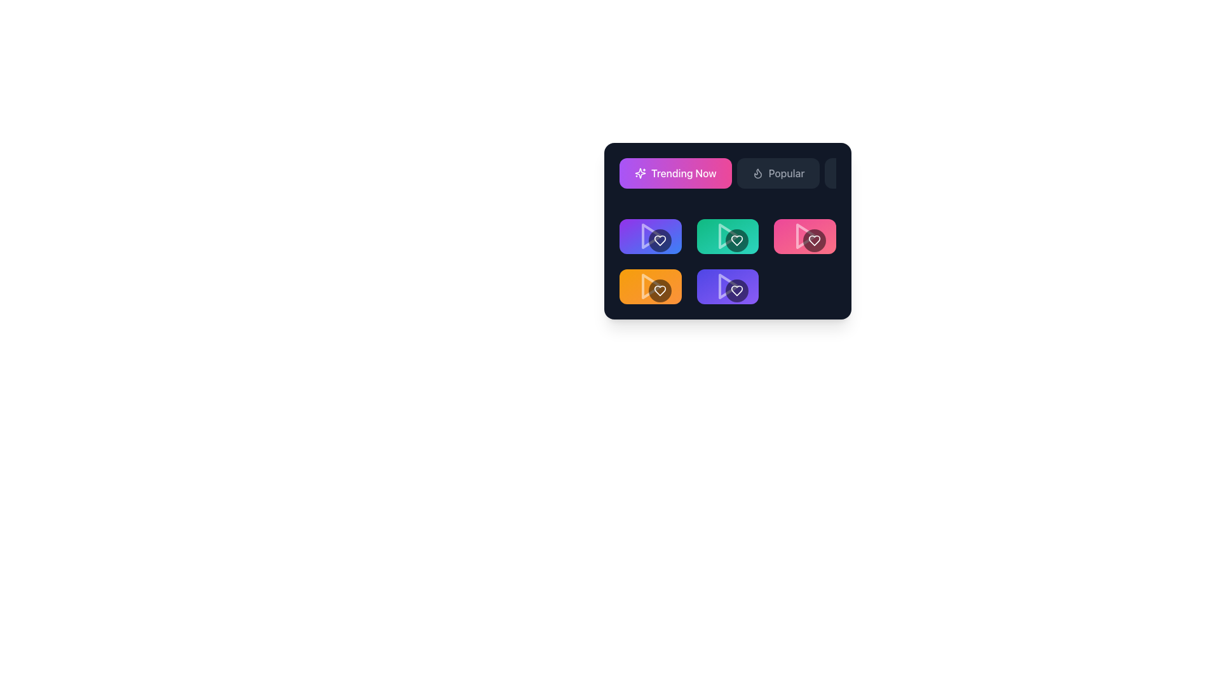 The height and width of the screenshot is (686, 1220). Describe the element at coordinates (660, 240) in the screenshot. I see `the heart-shaped icon button located centrally within the top left rectangular item of the grid layout` at that location.